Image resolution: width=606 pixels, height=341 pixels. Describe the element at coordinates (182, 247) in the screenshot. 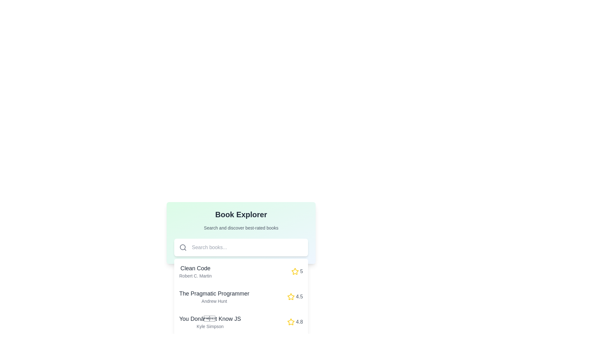

I see `the decorative SVG circle that visually represents the lens of the search icon, which is centrally located within the SVG graphic adjacent to the search input field` at that location.